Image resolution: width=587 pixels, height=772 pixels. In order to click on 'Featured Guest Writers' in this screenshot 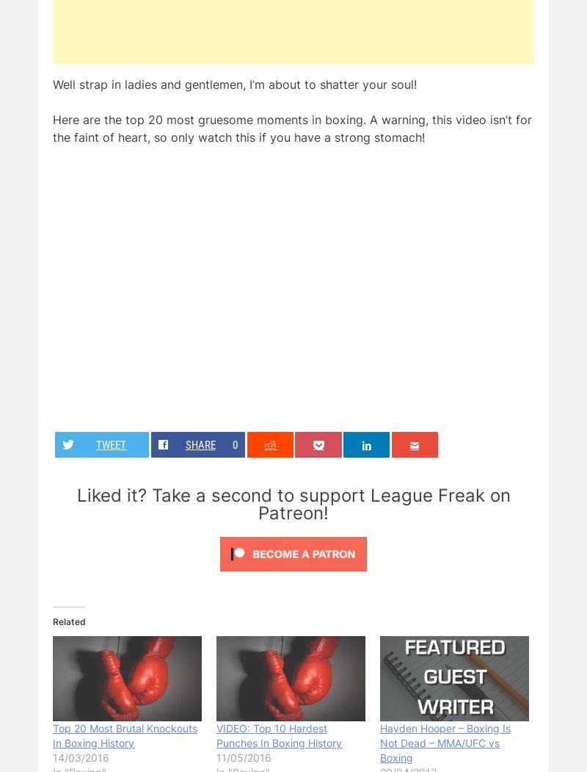, I will do `click(115, 584)`.